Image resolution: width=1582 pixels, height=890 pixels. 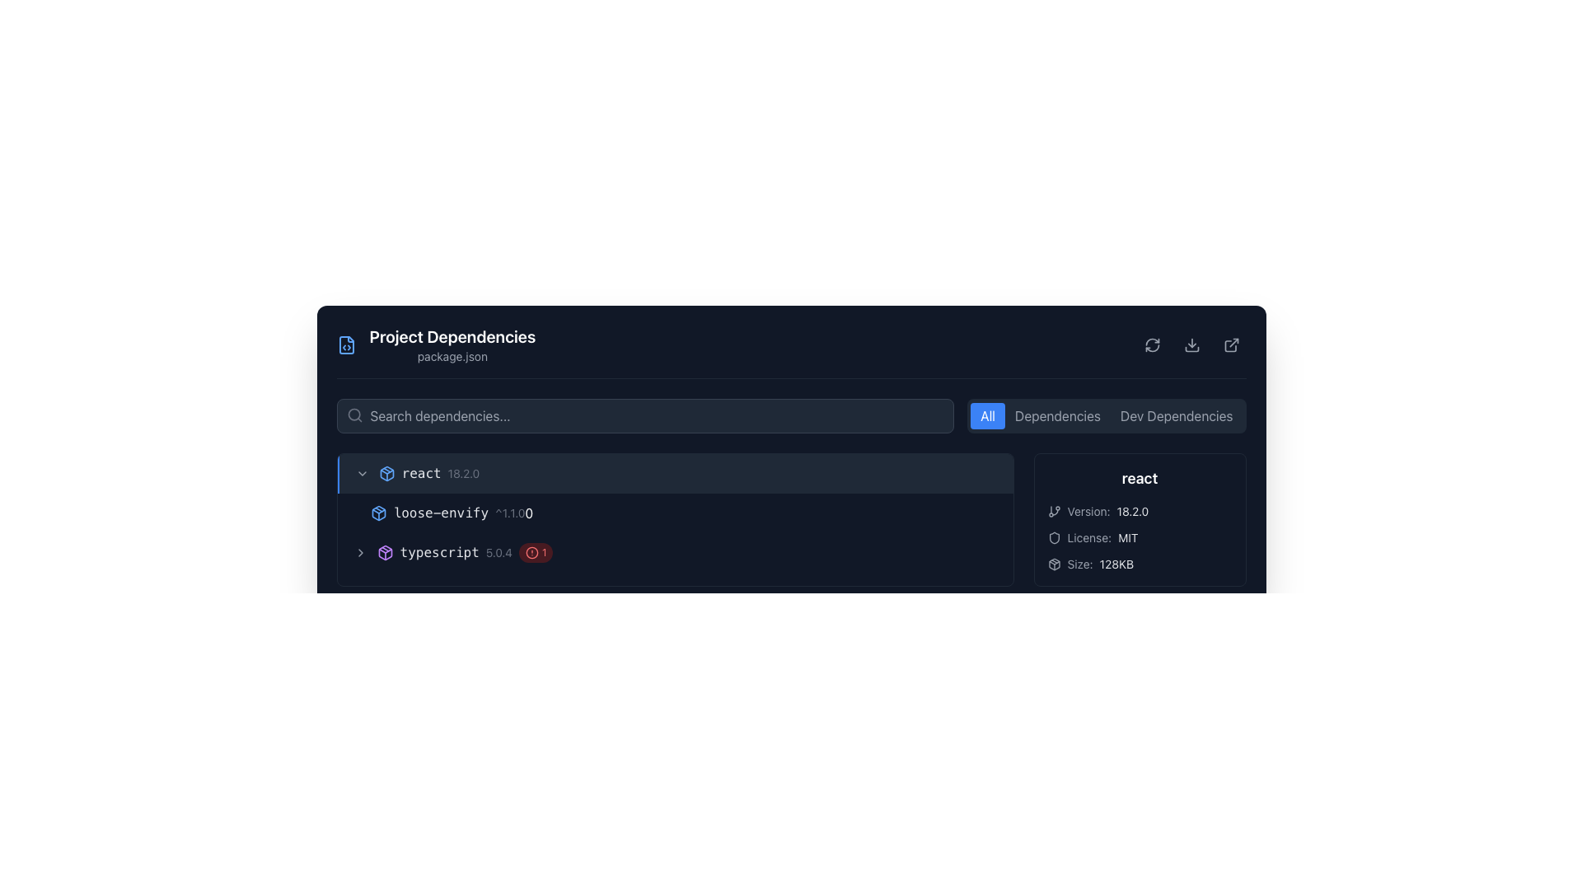 What do you see at coordinates (353, 414) in the screenshot?
I see `the circular search icon located to the left of the search input field in the top-left side of the main content area` at bounding box center [353, 414].